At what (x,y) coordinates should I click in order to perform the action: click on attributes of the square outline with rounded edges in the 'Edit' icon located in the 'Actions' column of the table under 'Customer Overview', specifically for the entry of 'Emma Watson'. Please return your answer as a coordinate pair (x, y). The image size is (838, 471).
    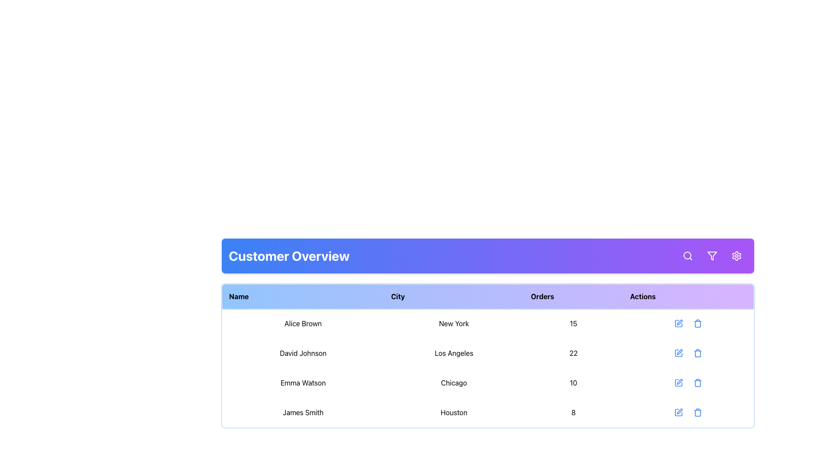
    Looking at the image, I should click on (678, 382).